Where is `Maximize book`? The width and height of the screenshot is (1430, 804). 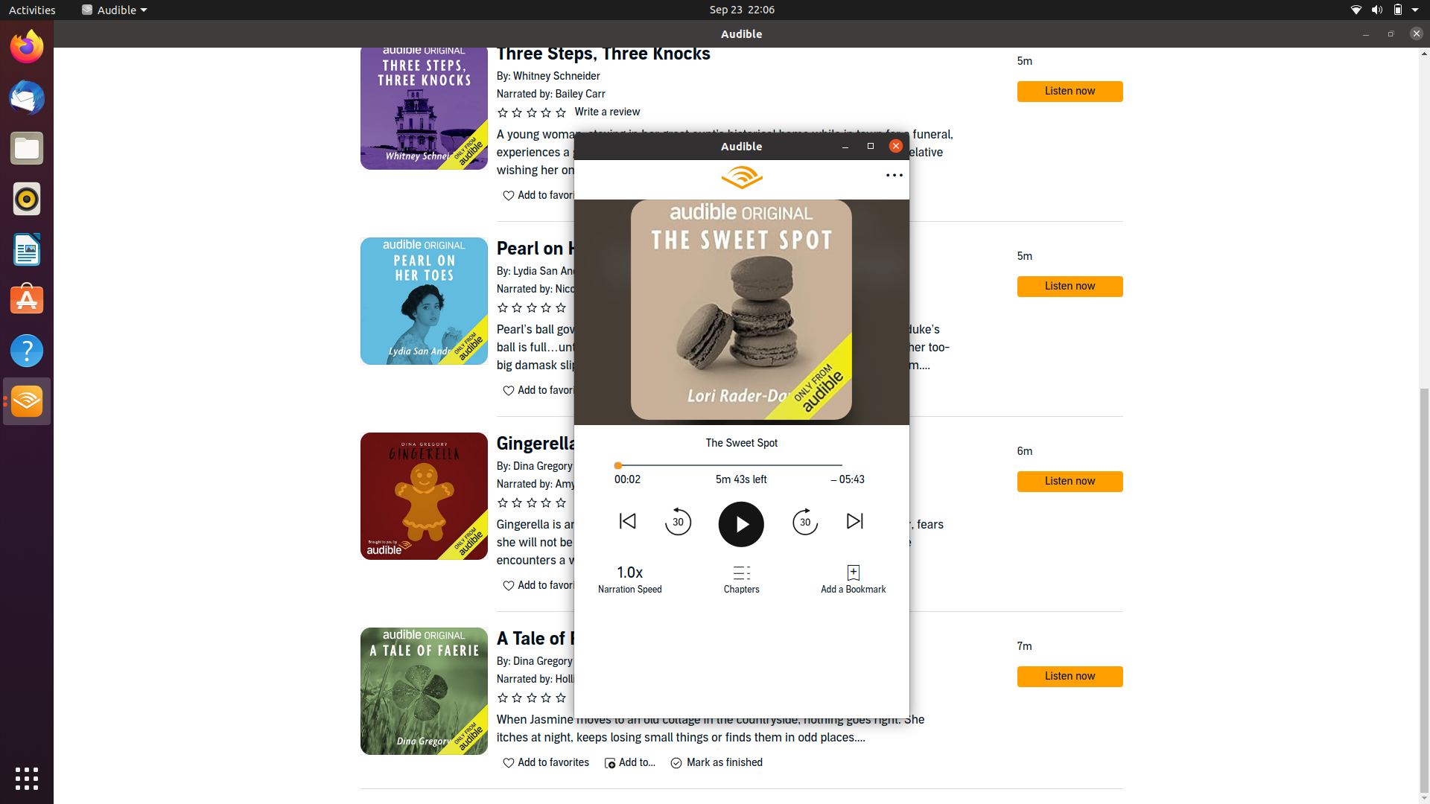 Maximize book is located at coordinates (846, 146).